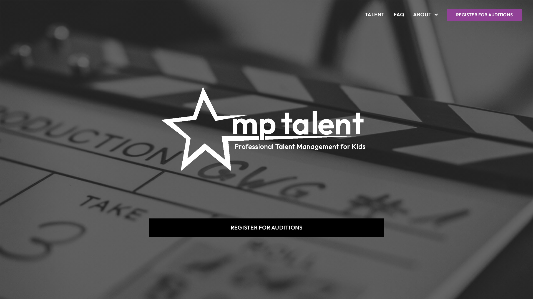 The image size is (533, 299). I want to click on 'TALENT', so click(374, 15).